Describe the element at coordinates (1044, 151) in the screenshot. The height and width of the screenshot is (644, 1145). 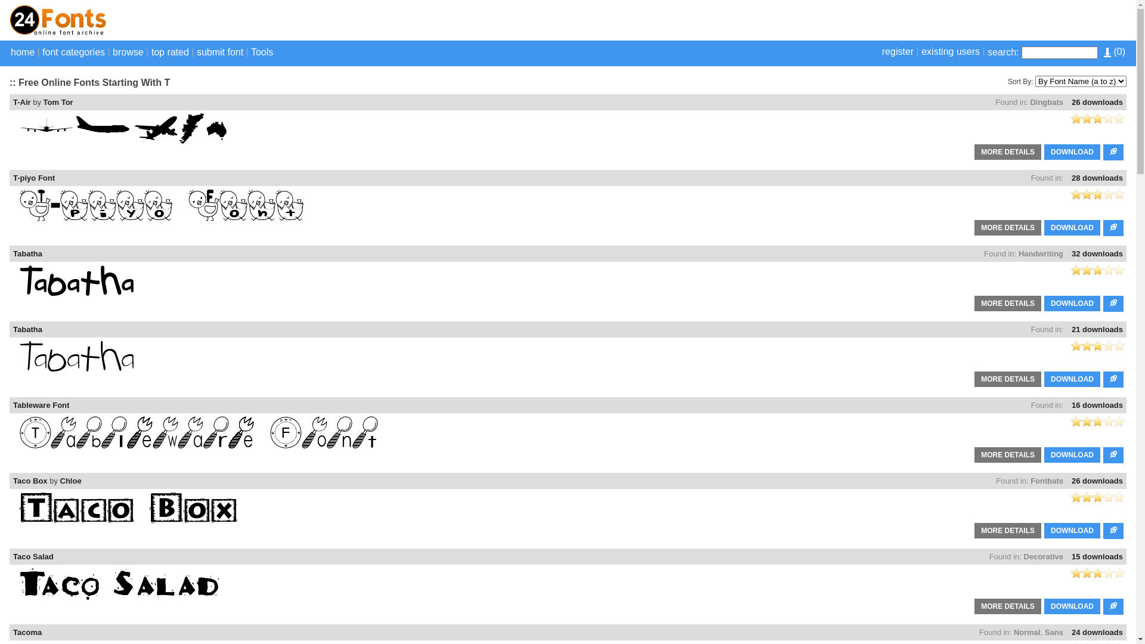
I see `'DOWNLOAD'` at that location.